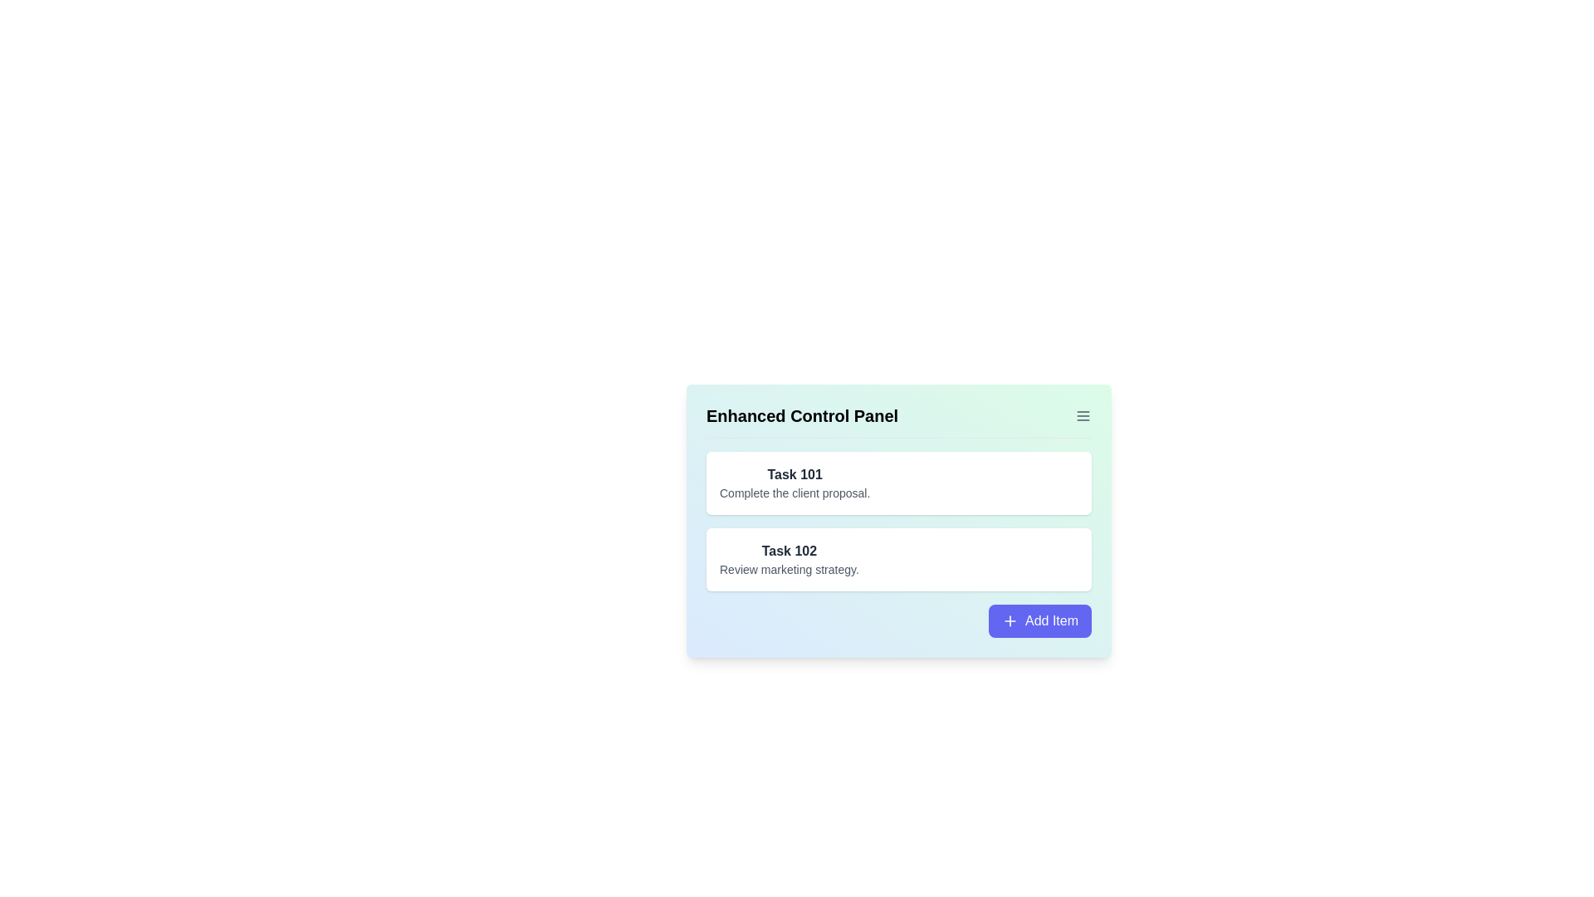 Image resolution: width=1594 pixels, height=897 pixels. Describe the element at coordinates (1009, 621) in the screenshot. I see `the plus icon located to the left of the 'Add Item' button in the bottom-right corner of the card` at that location.